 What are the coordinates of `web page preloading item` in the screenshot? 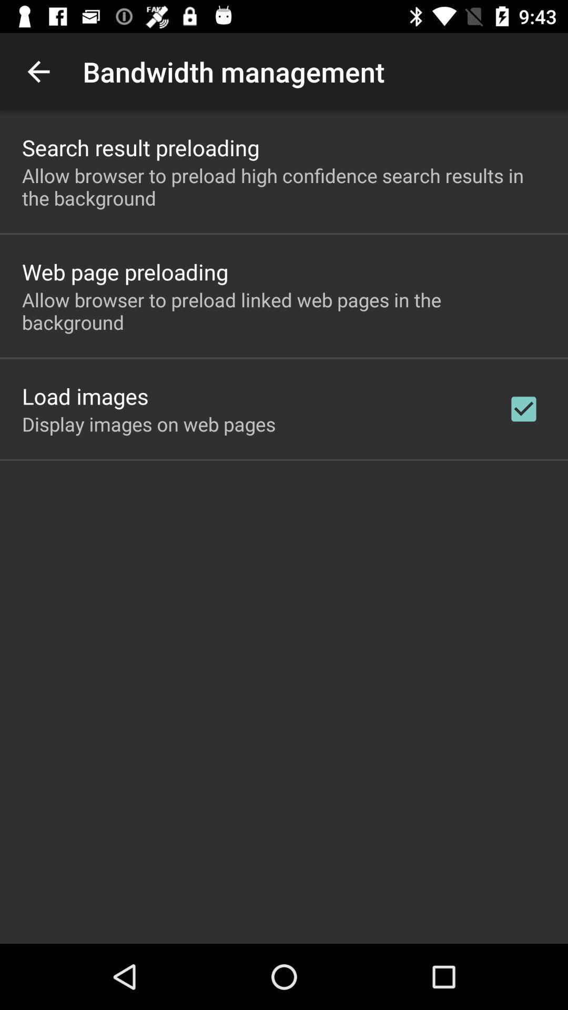 It's located at (125, 271).